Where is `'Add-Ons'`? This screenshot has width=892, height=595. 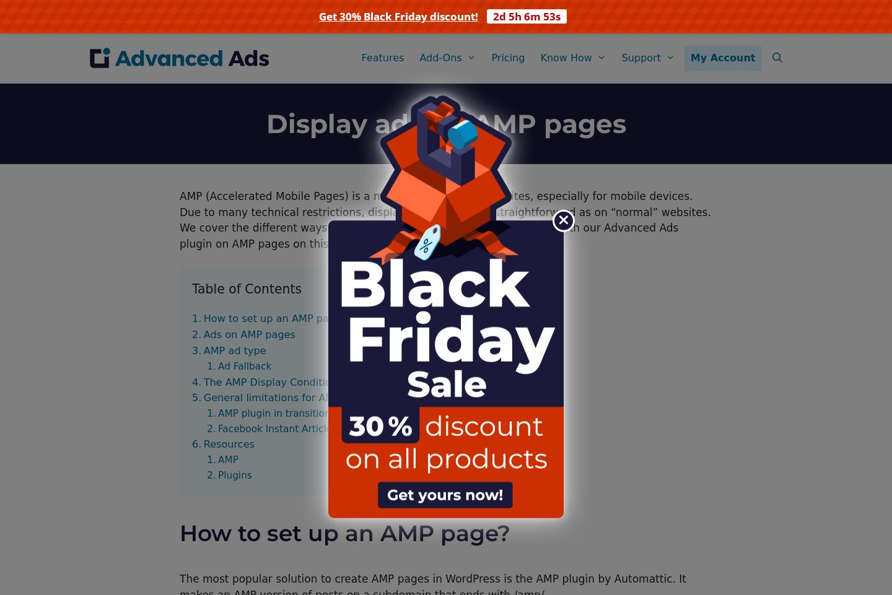 'Add-Ons' is located at coordinates (440, 58).